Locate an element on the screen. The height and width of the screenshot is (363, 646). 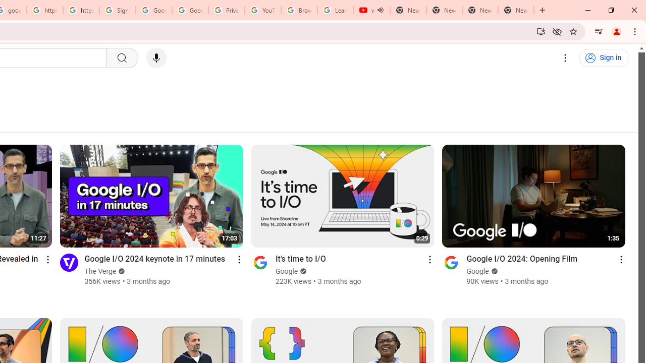
'YouTube' is located at coordinates (262, 10).